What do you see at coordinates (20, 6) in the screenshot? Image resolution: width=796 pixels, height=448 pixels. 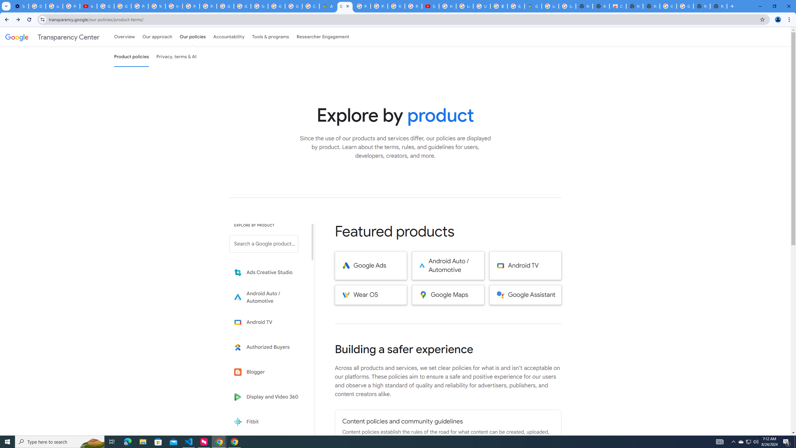 I see `'Settings - Performance'` at bounding box center [20, 6].